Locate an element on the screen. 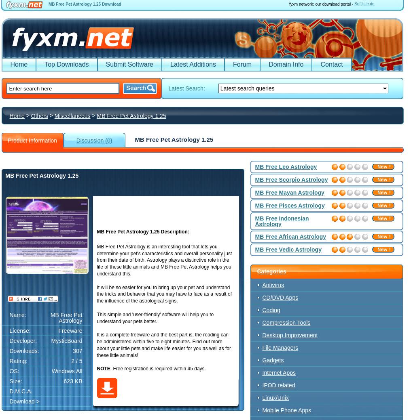 The image size is (411, 420). 'Related searches:' is located at coordinates (96, 384).